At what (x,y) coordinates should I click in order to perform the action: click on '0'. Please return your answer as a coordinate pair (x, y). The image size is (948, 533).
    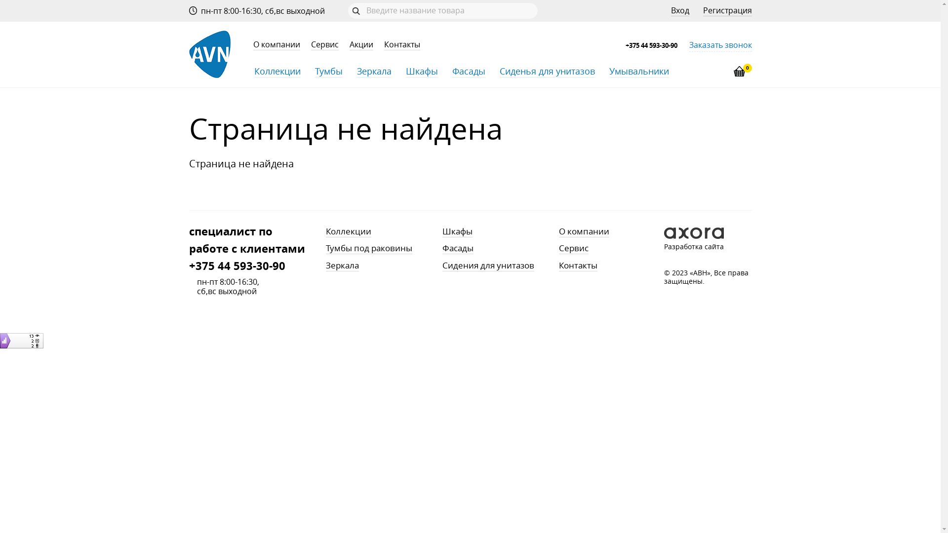
    Looking at the image, I should click on (738, 74).